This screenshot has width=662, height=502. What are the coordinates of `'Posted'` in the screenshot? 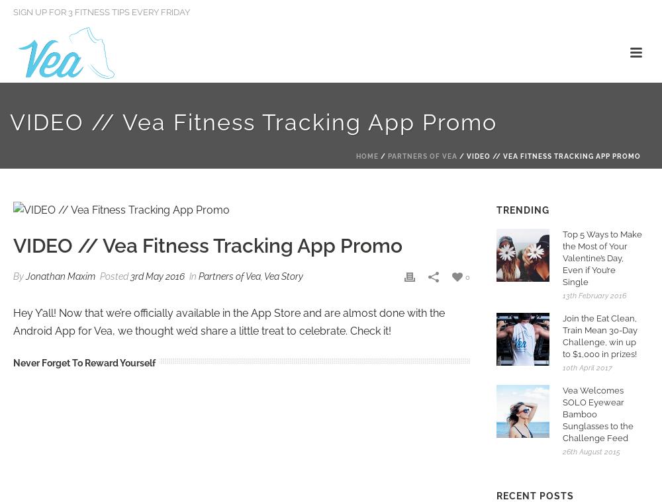 It's located at (114, 275).